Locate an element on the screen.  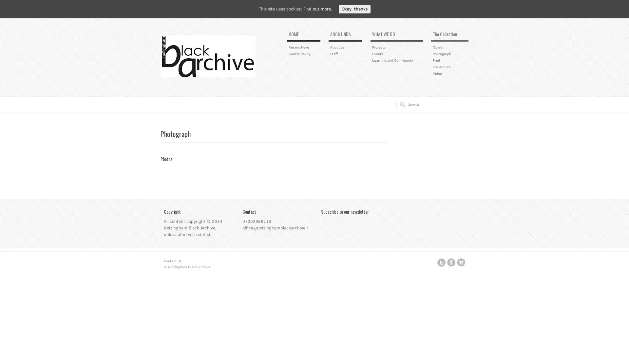
Search is located at coordinates (400, 104).